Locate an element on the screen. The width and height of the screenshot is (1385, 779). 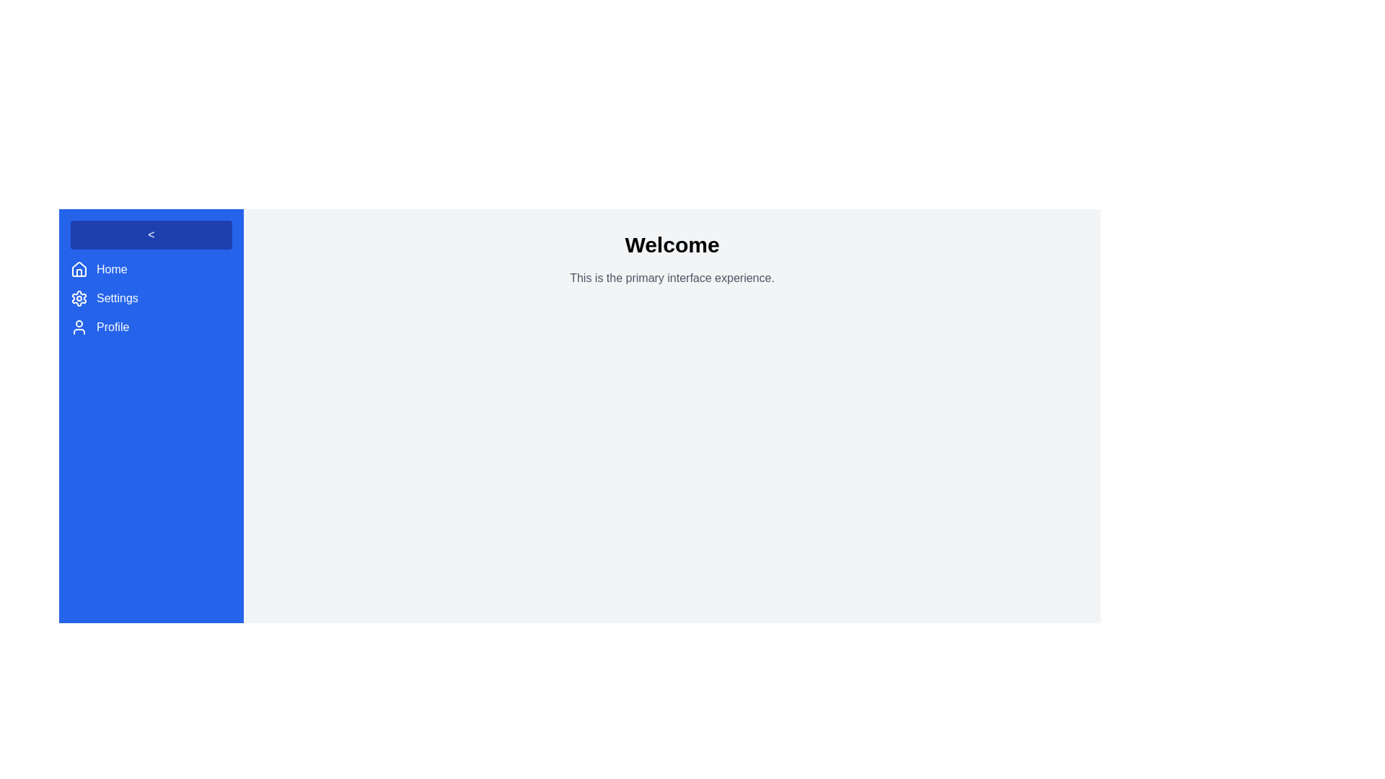
the 'Profile' text label in the vertical navigation bar, which indicates profile-related settings or information is located at coordinates (112, 327).